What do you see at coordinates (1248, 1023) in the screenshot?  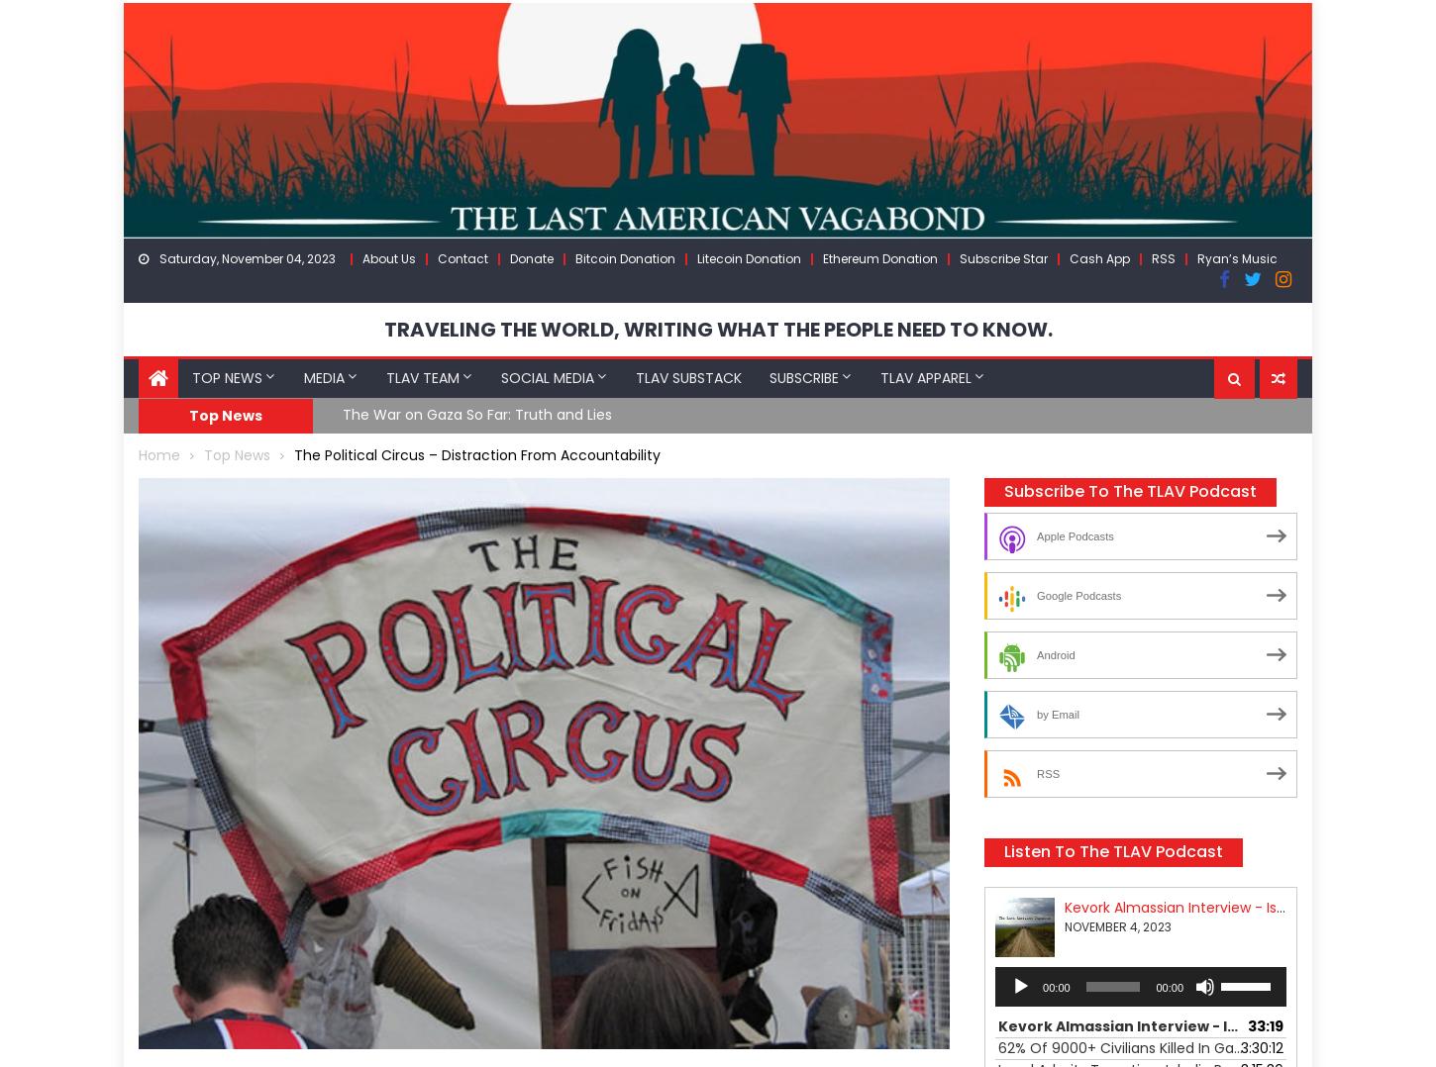 I see `'33:19'` at bounding box center [1248, 1023].